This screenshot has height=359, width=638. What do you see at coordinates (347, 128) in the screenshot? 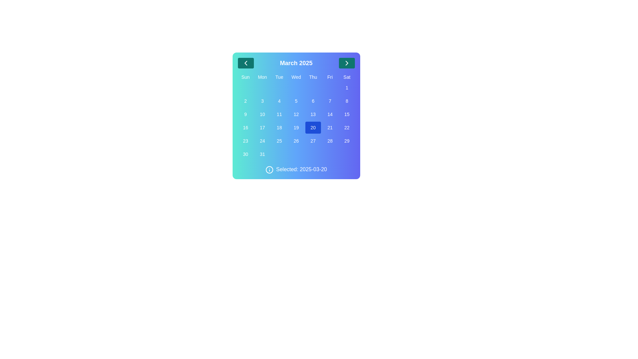
I see `the circular button displaying the number '22' in white, located` at bounding box center [347, 128].